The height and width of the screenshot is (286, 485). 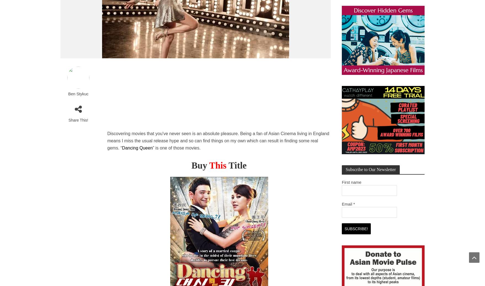 What do you see at coordinates (137, 148) in the screenshot?
I see `'Dancing Queen'` at bounding box center [137, 148].